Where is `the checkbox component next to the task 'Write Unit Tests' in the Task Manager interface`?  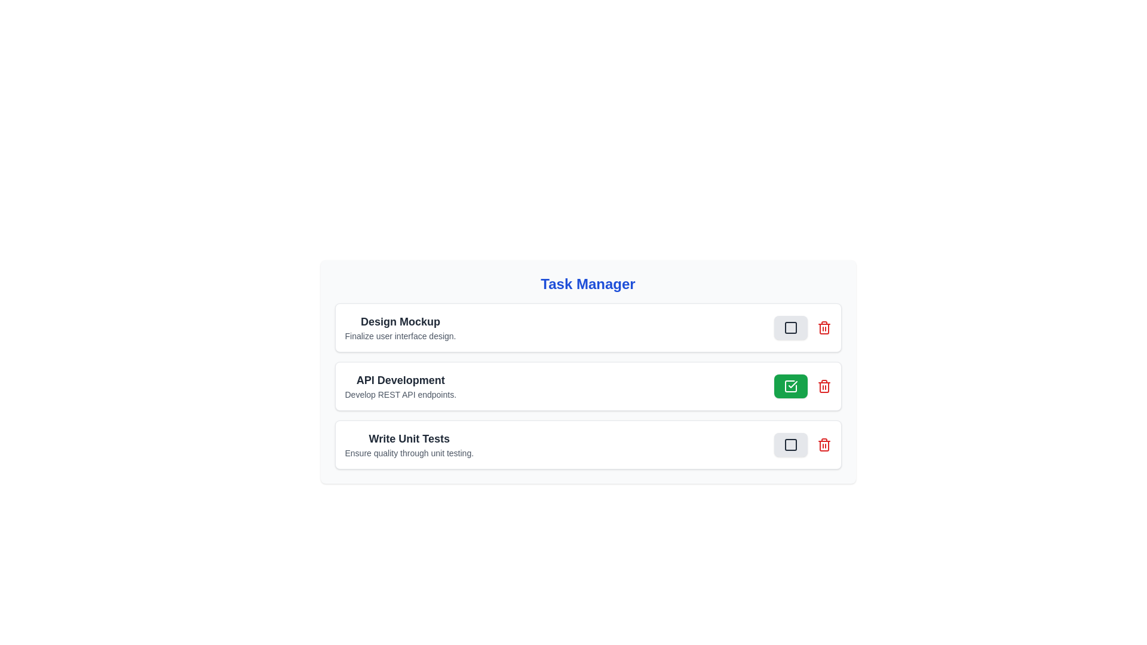 the checkbox component next to the task 'Write Unit Tests' in the Task Manager interface is located at coordinates (790, 327).